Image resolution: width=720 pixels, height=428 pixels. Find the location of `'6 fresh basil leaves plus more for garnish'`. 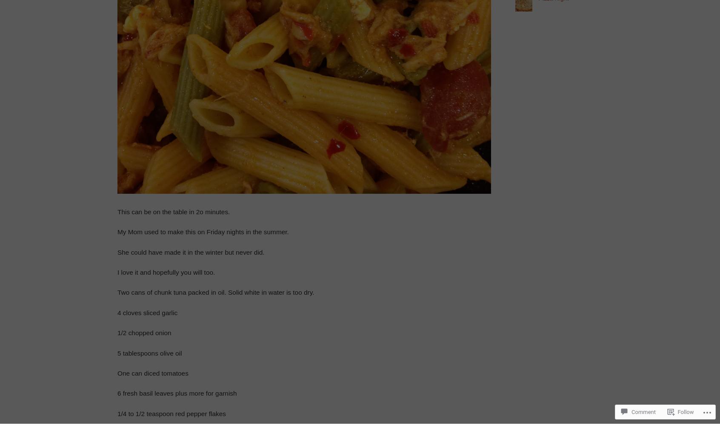

'6 fresh basil leaves plus more for garnish' is located at coordinates (177, 393).